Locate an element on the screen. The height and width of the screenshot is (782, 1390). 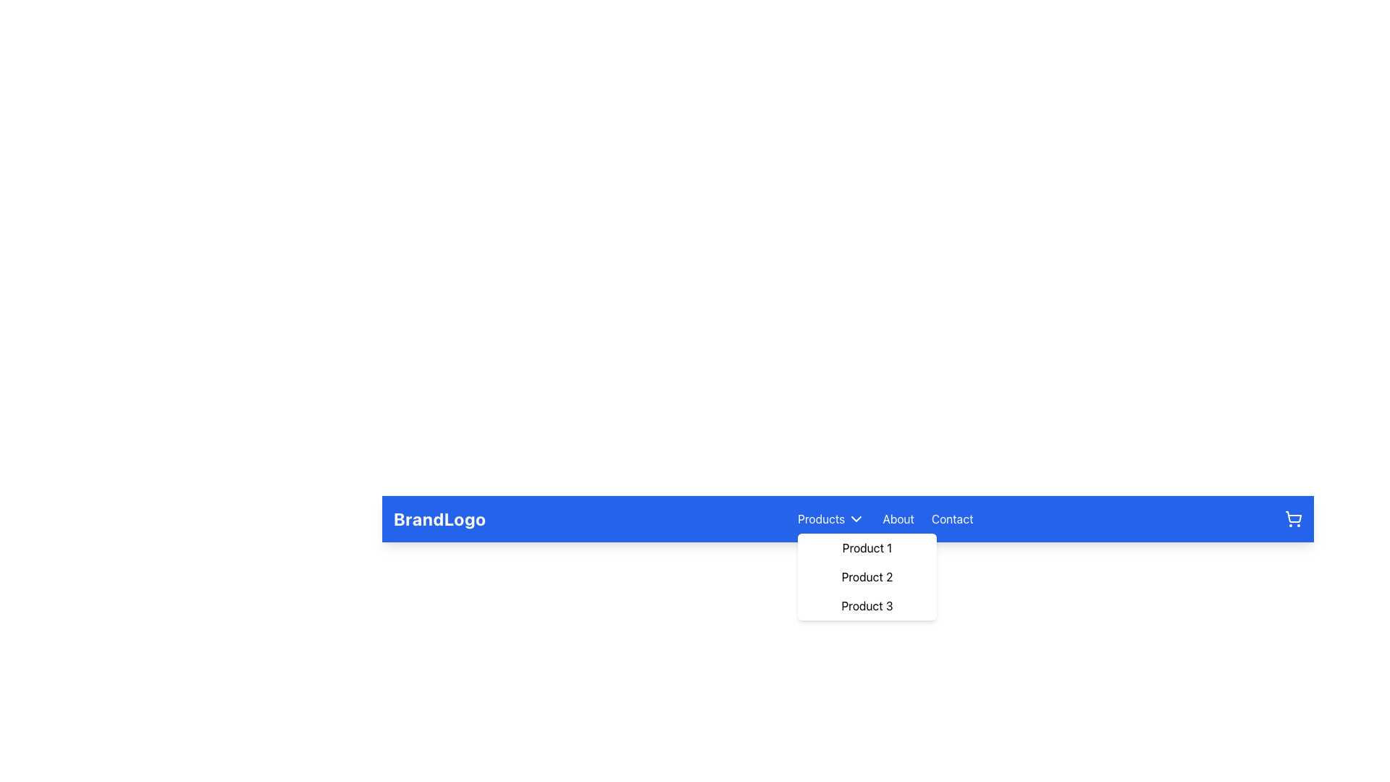
the 'Contact' link styled in white font within the blue navigation bar, located as the rightmost link after 'About' in the horizontal menu bar to trigger a visual effect is located at coordinates (952, 518).